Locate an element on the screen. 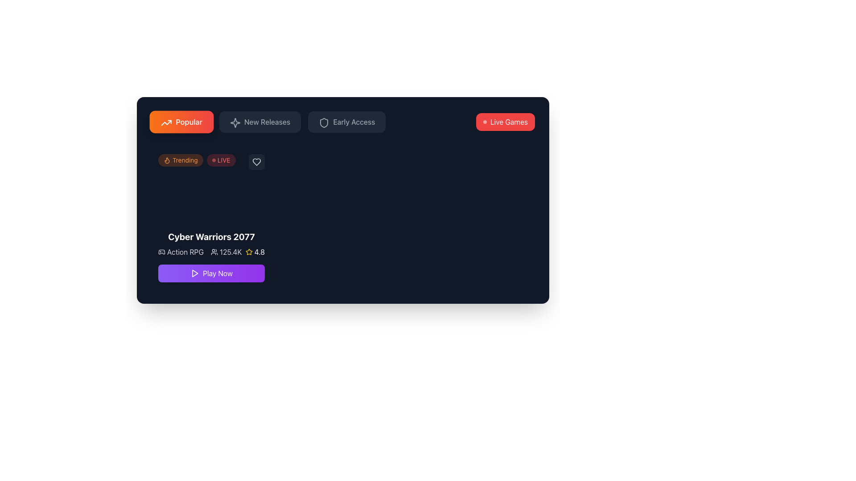 The image size is (856, 481). the icon representing 'Early Access', which is the first element in its button group indicating security or exclusivity is located at coordinates (323, 122).